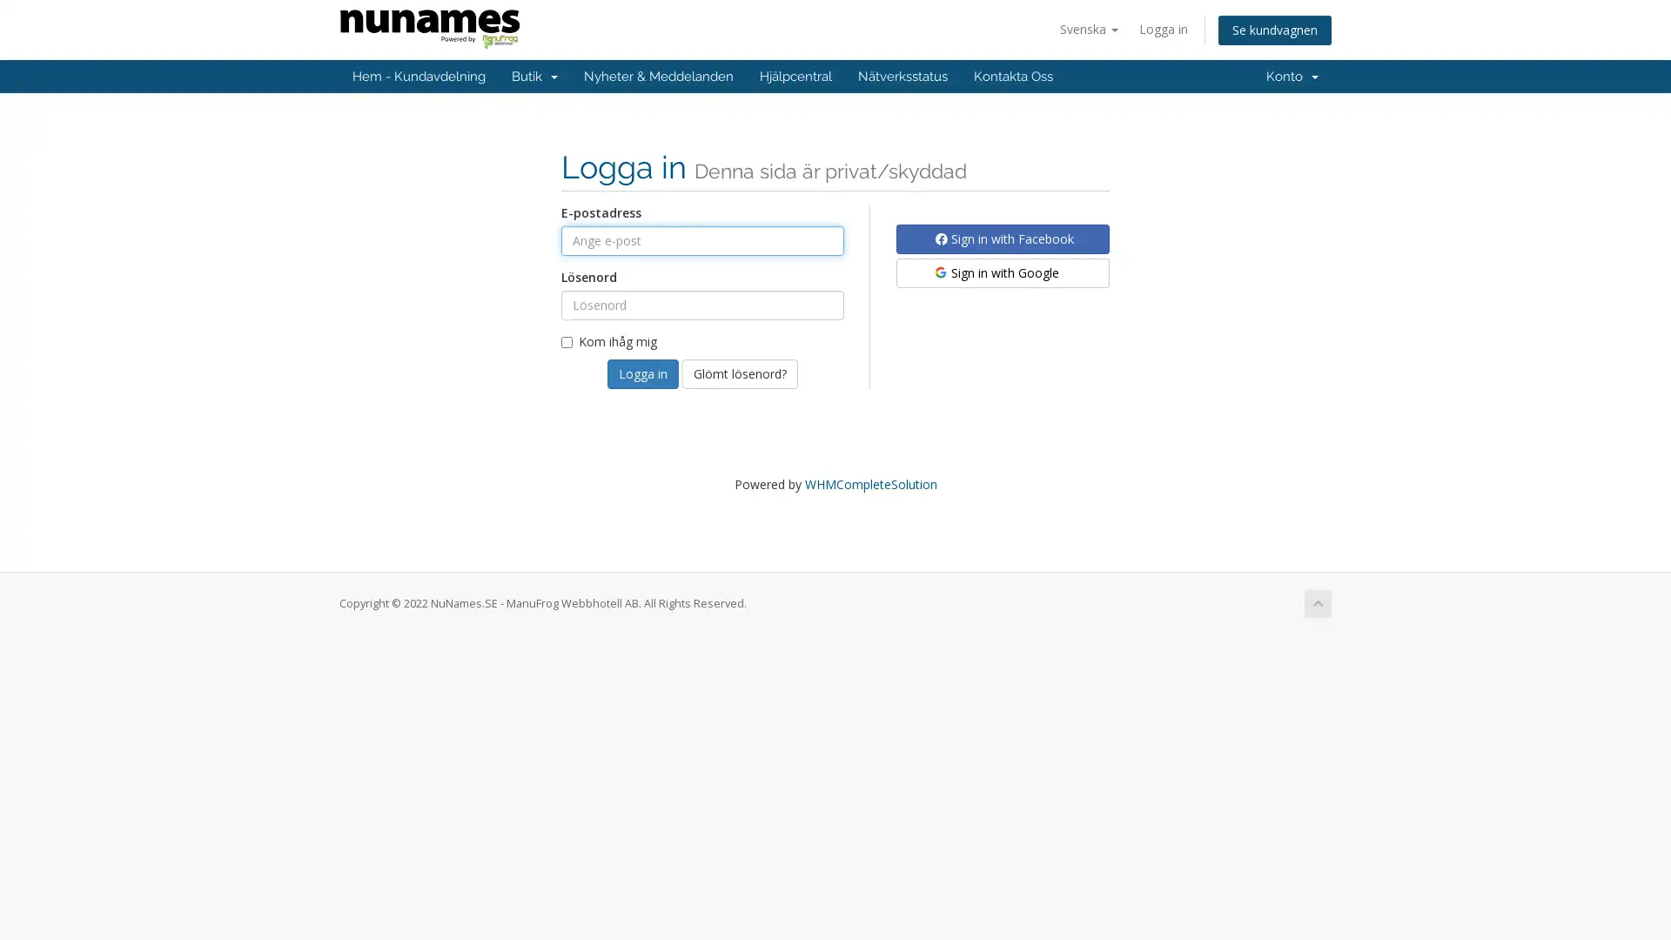  What do you see at coordinates (642, 372) in the screenshot?
I see `Logga in` at bounding box center [642, 372].